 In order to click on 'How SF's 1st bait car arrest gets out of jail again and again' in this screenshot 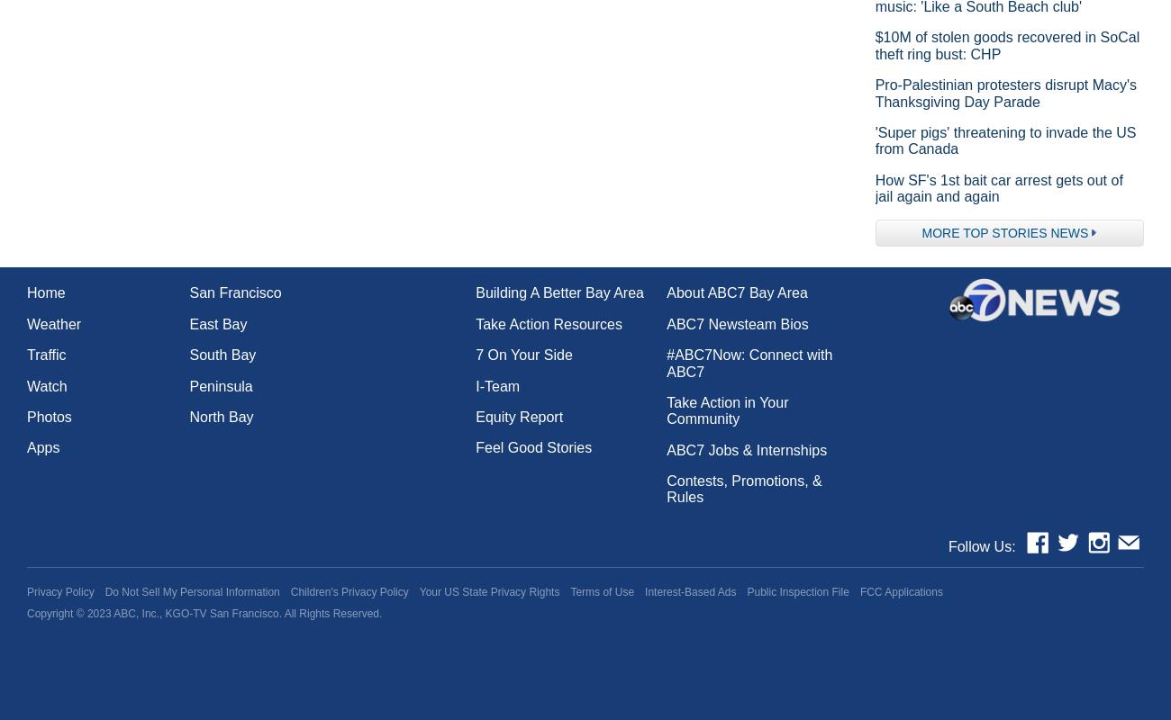, I will do `click(874, 187)`.